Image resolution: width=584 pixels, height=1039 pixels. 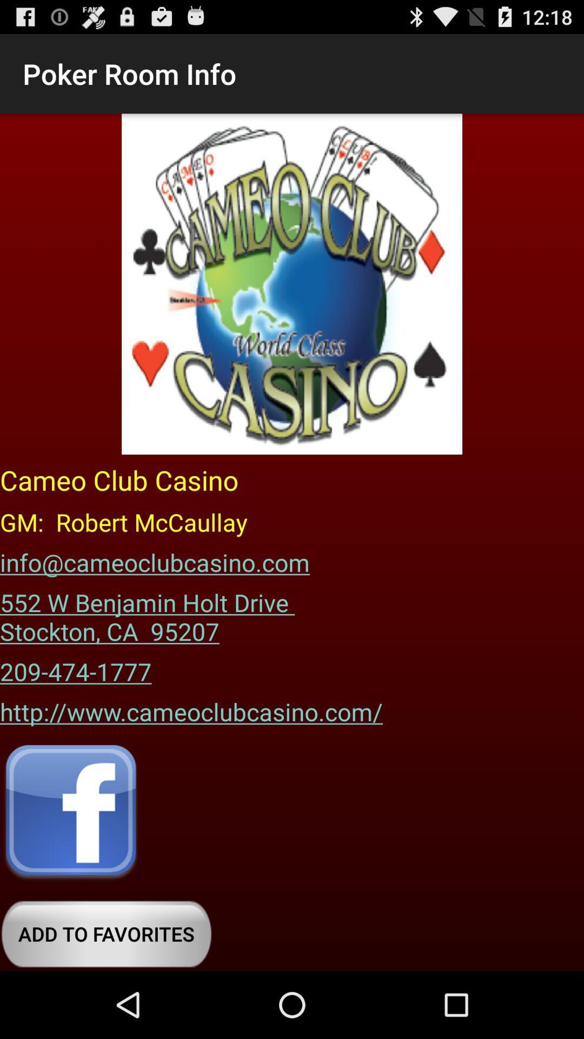 What do you see at coordinates (191, 708) in the screenshot?
I see `the app below the 209-474-1777 item` at bounding box center [191, 708].